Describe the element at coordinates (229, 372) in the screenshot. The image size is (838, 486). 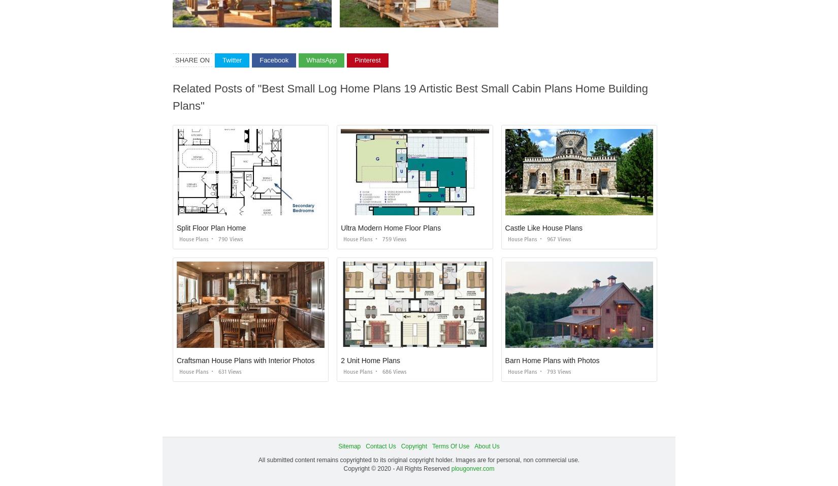
I see `'631 views'` at that location.